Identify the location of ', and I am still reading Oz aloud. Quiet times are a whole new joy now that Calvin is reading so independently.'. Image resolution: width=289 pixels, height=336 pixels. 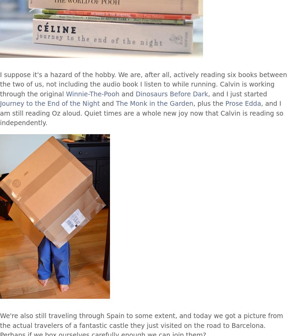
(141, 113).